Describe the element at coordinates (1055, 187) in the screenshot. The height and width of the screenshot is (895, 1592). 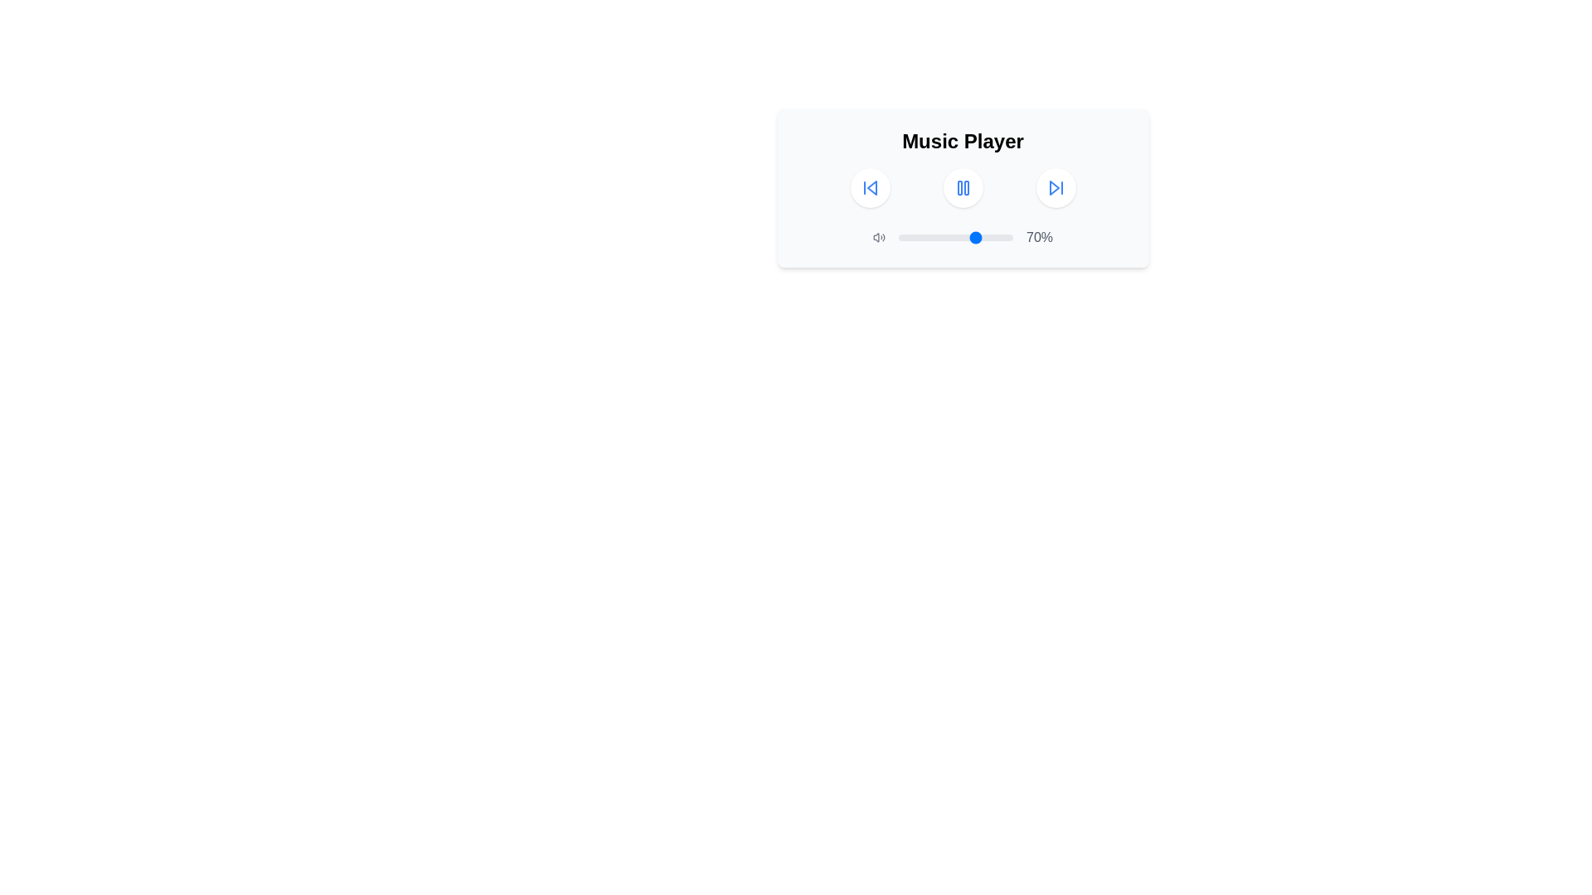
I see `the rightmost button in the music player control panel to skip to the next track in the playlist` at that location.